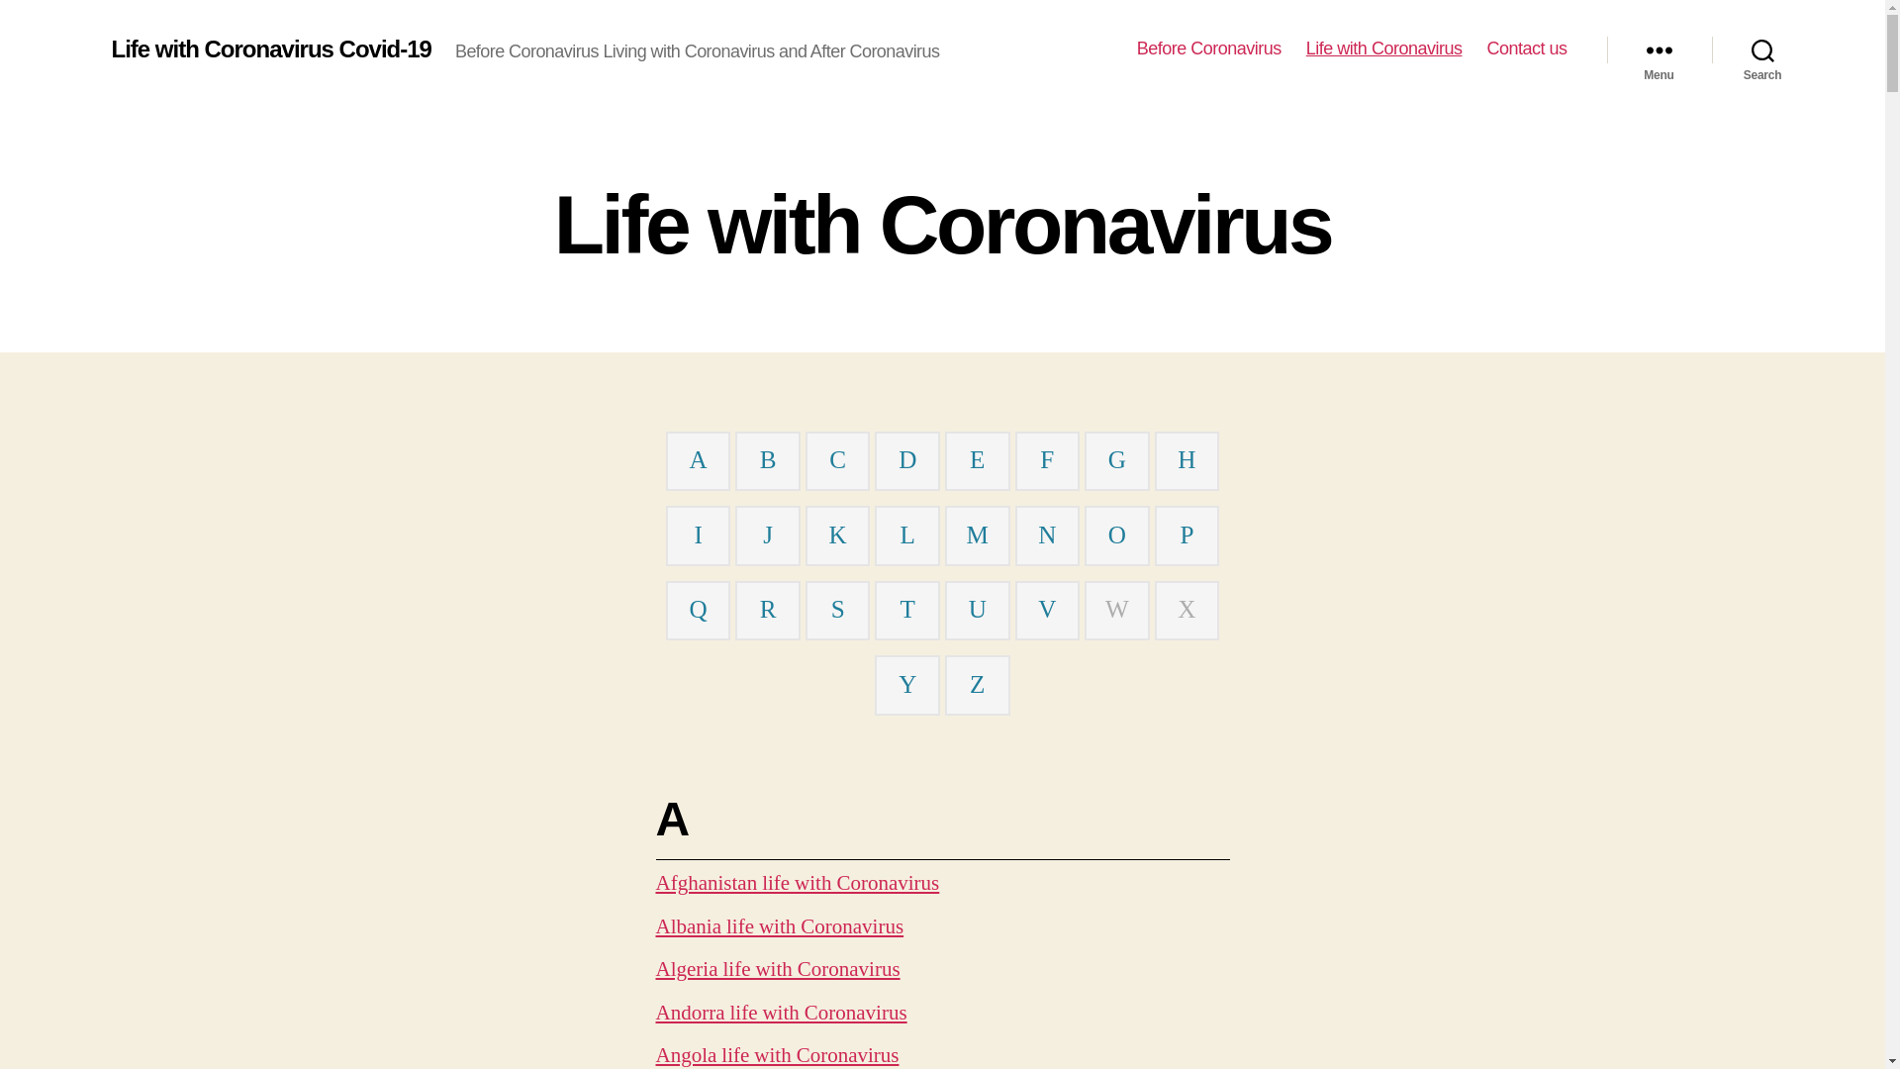 The image size is (1900, 1069). I want to click on 'Contact us', so click(1525, 49).